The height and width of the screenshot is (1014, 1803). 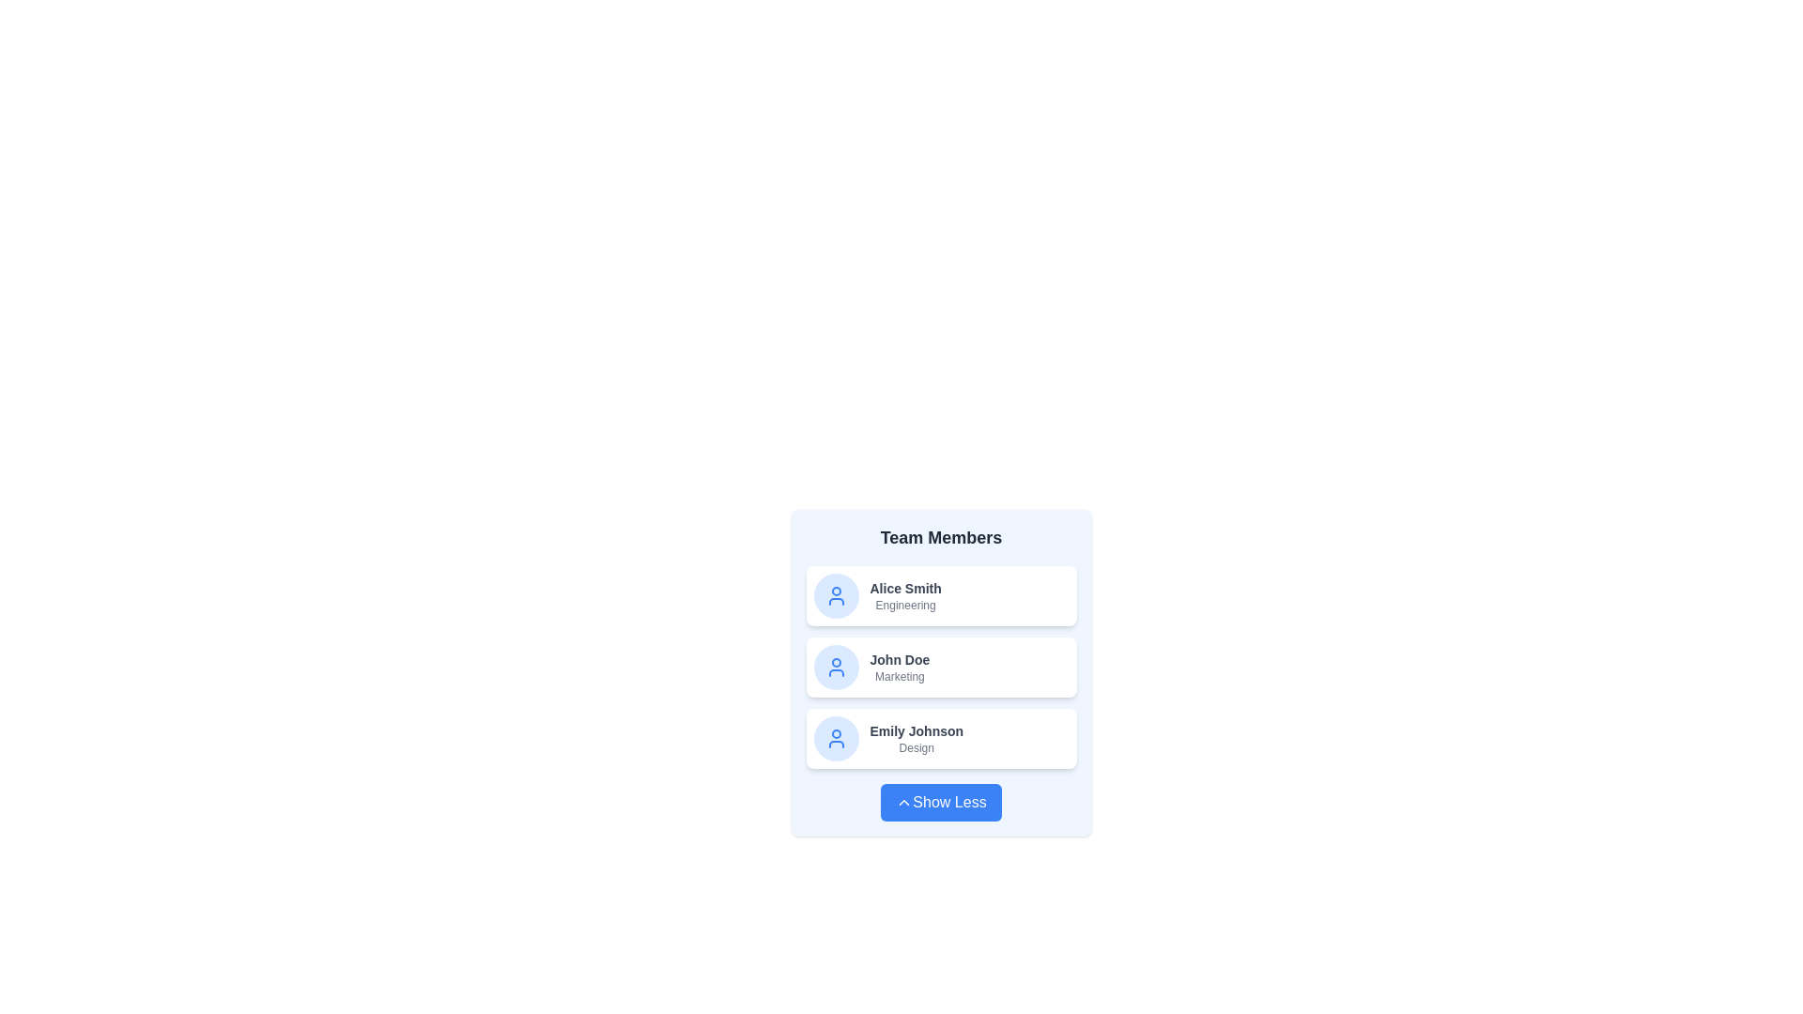 What do you see at coordinates (917, 730) in the screenshot?
I see `the text label displaying the name 'Emily Johnson', which is located in the third entry of the 'Team Members' list` at bounding box center [917, 730].